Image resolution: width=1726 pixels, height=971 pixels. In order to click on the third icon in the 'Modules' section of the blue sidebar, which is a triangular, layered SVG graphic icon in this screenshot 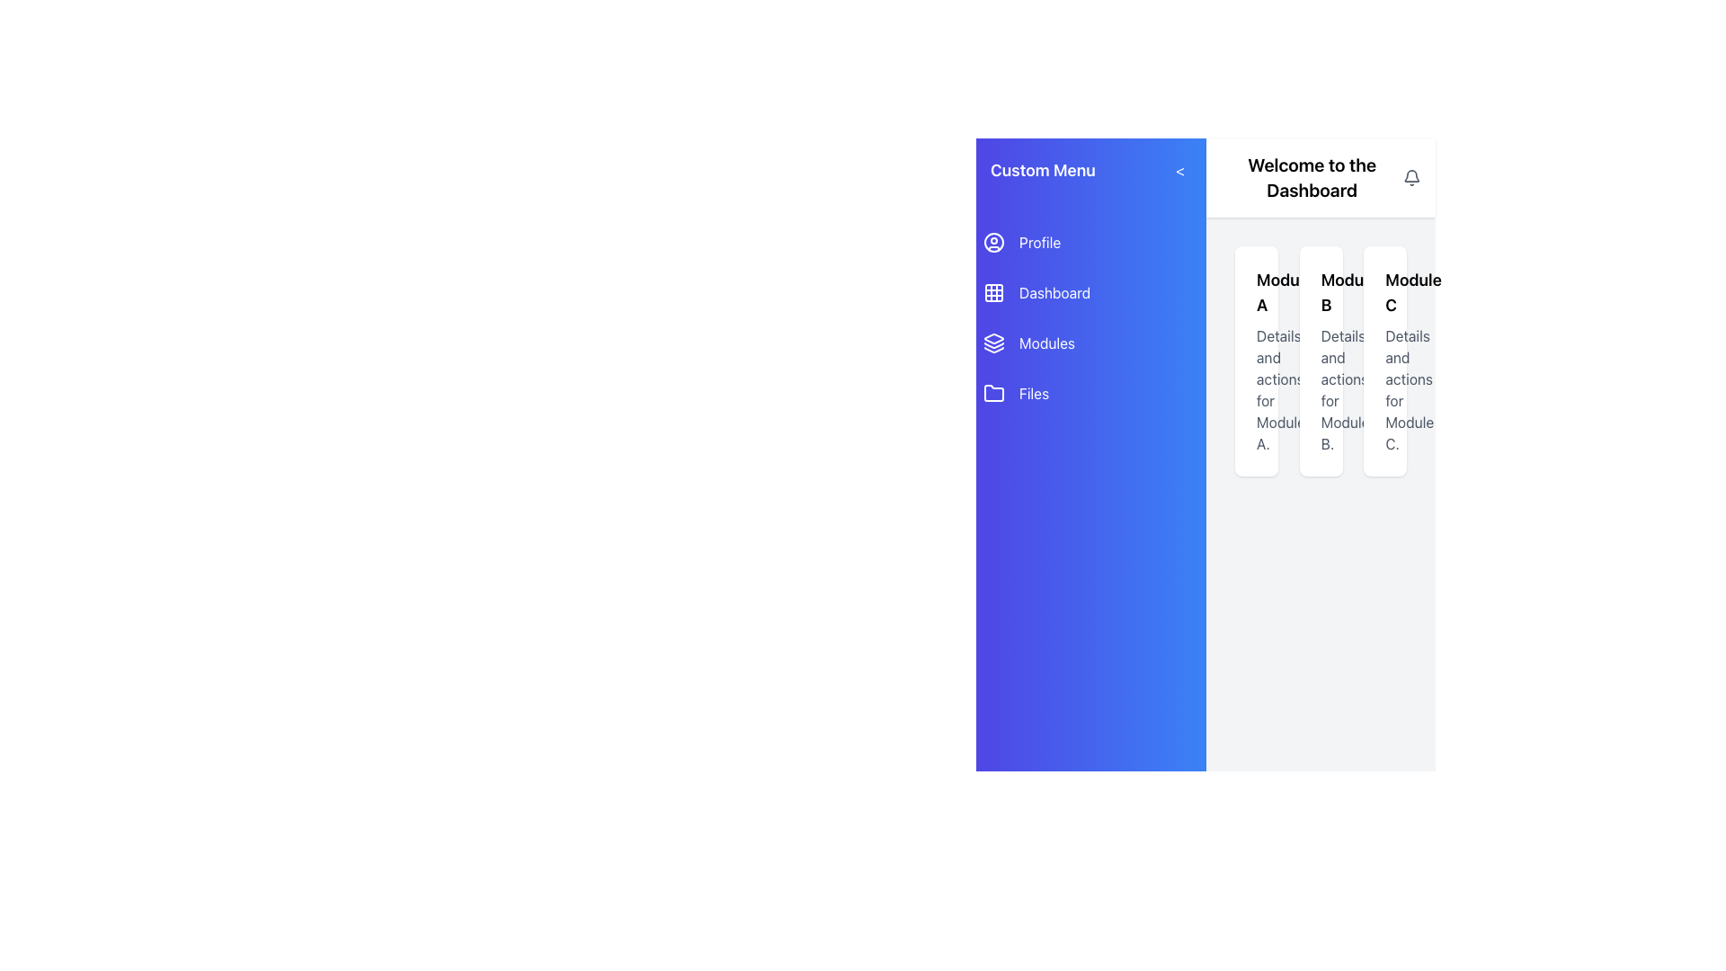, I will do `click(992, 339)`.